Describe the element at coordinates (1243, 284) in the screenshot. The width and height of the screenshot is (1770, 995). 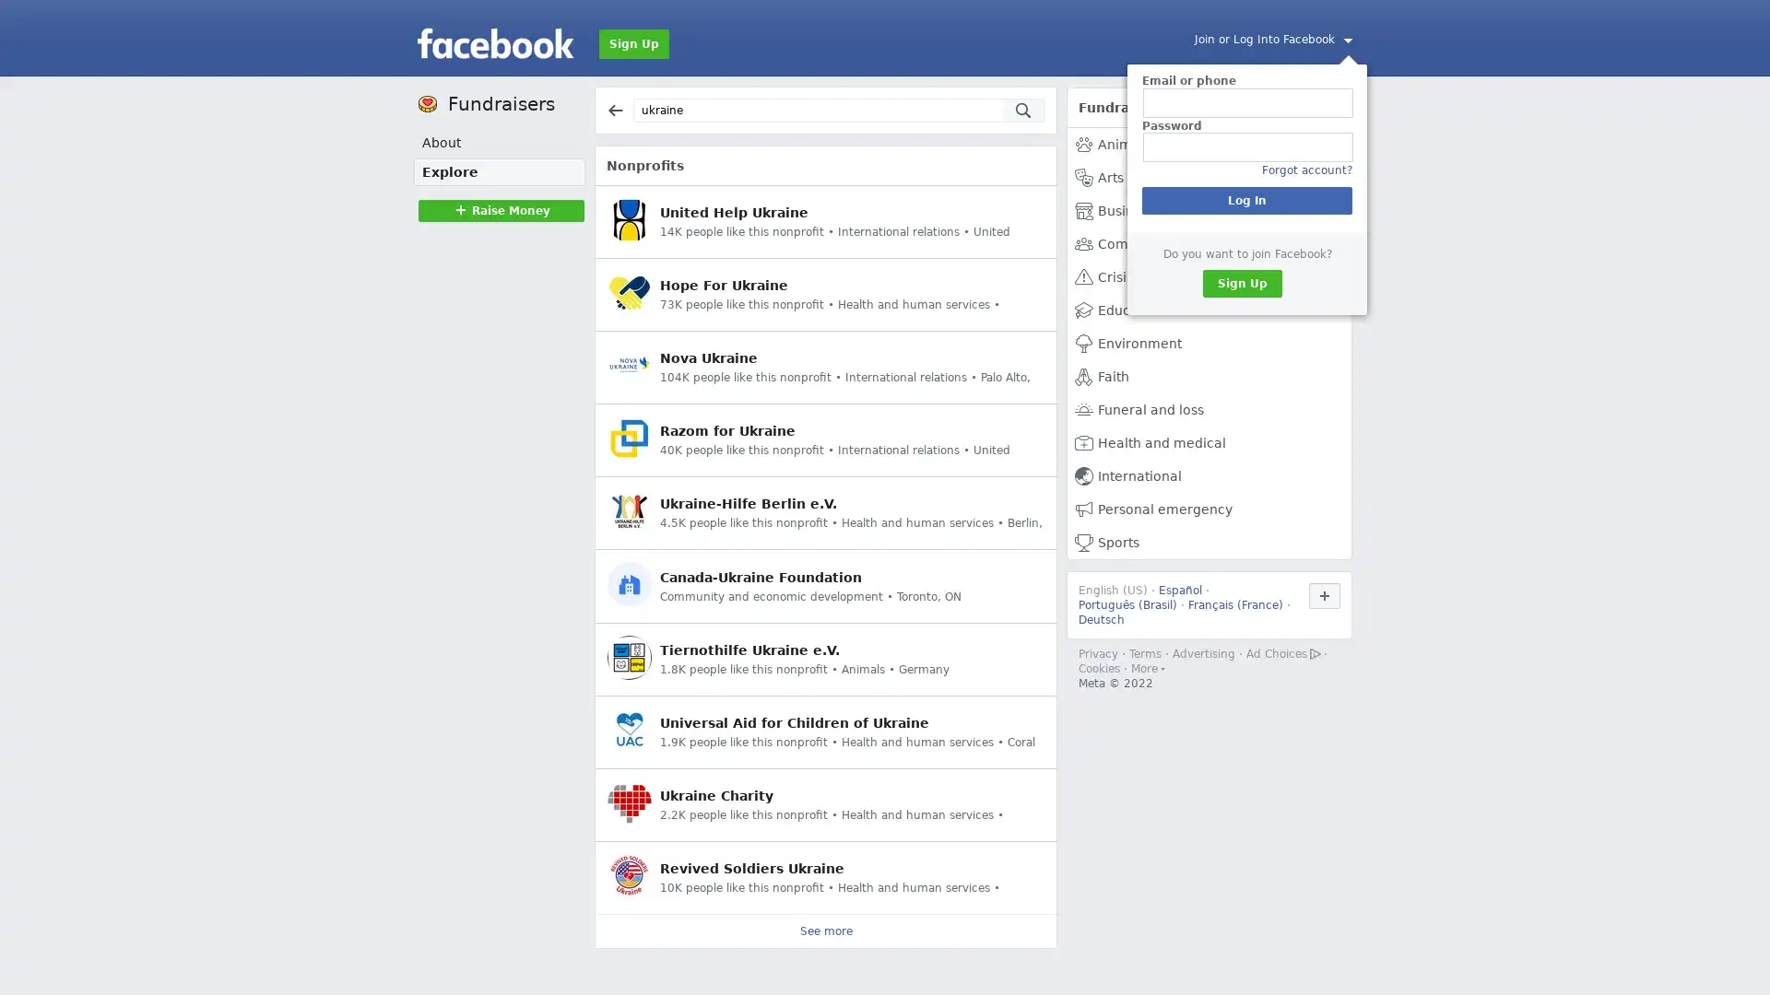
I see `Sign Up` at that location.